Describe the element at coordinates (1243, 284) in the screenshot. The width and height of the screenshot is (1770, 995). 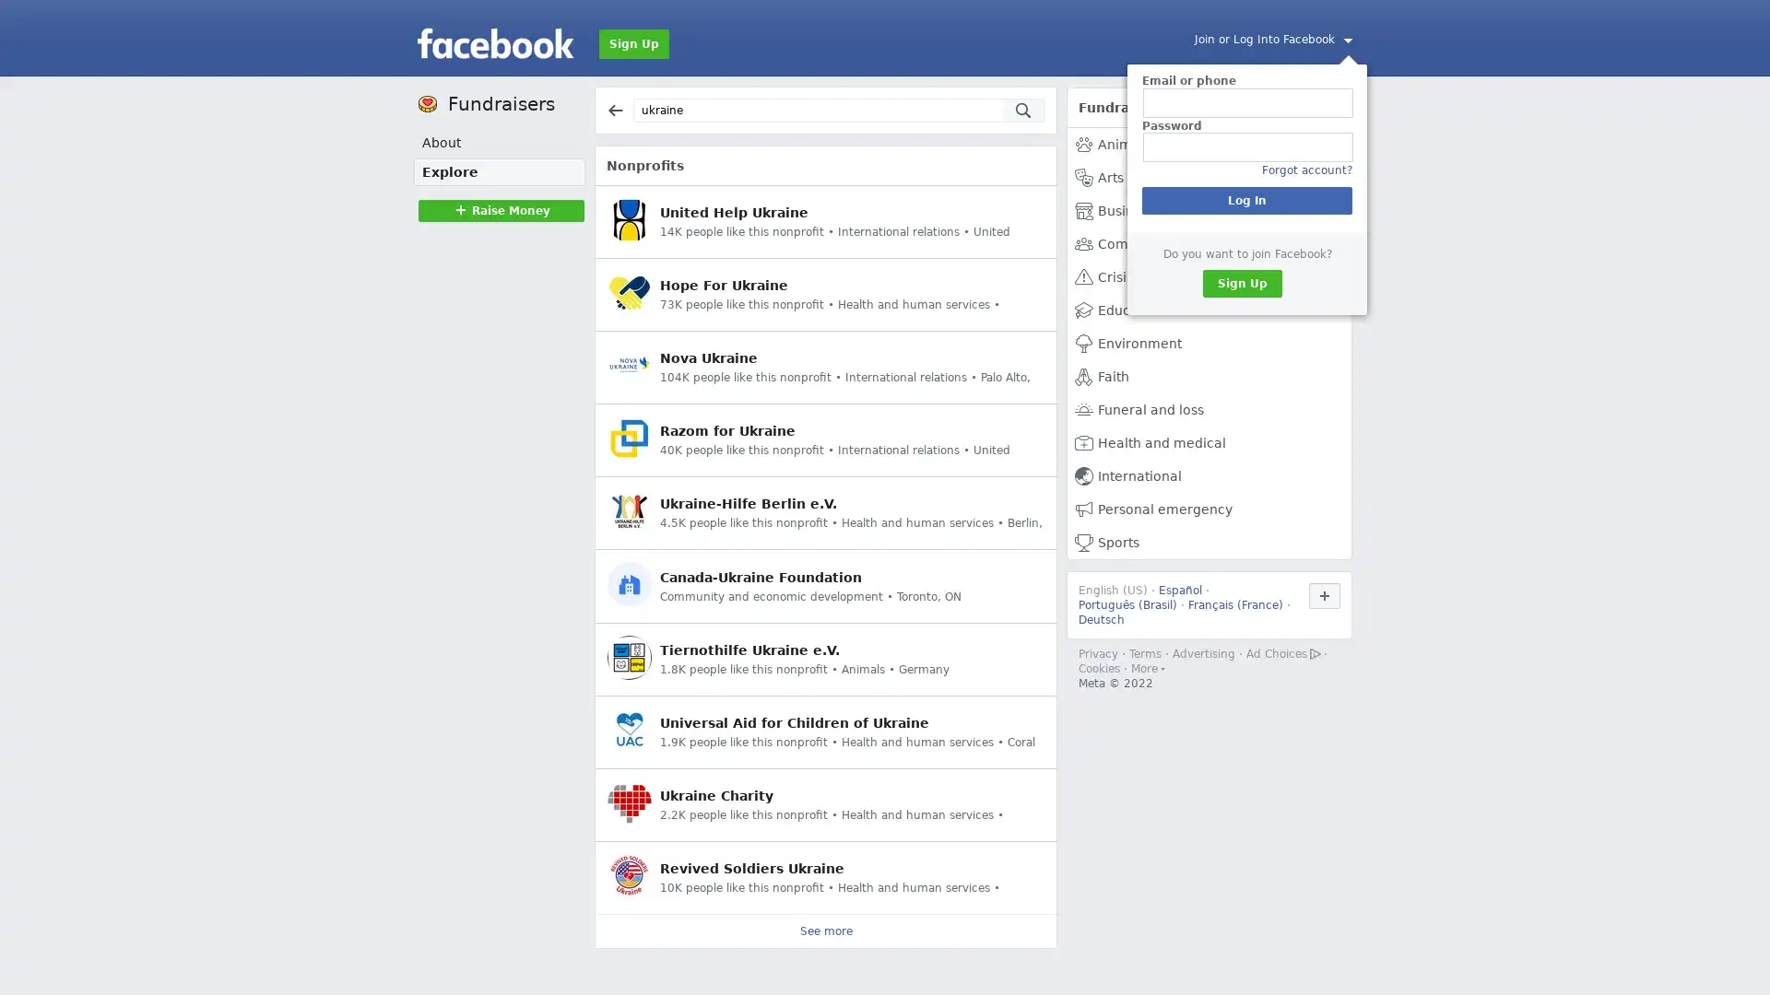
I see `Sign Up` at that location.